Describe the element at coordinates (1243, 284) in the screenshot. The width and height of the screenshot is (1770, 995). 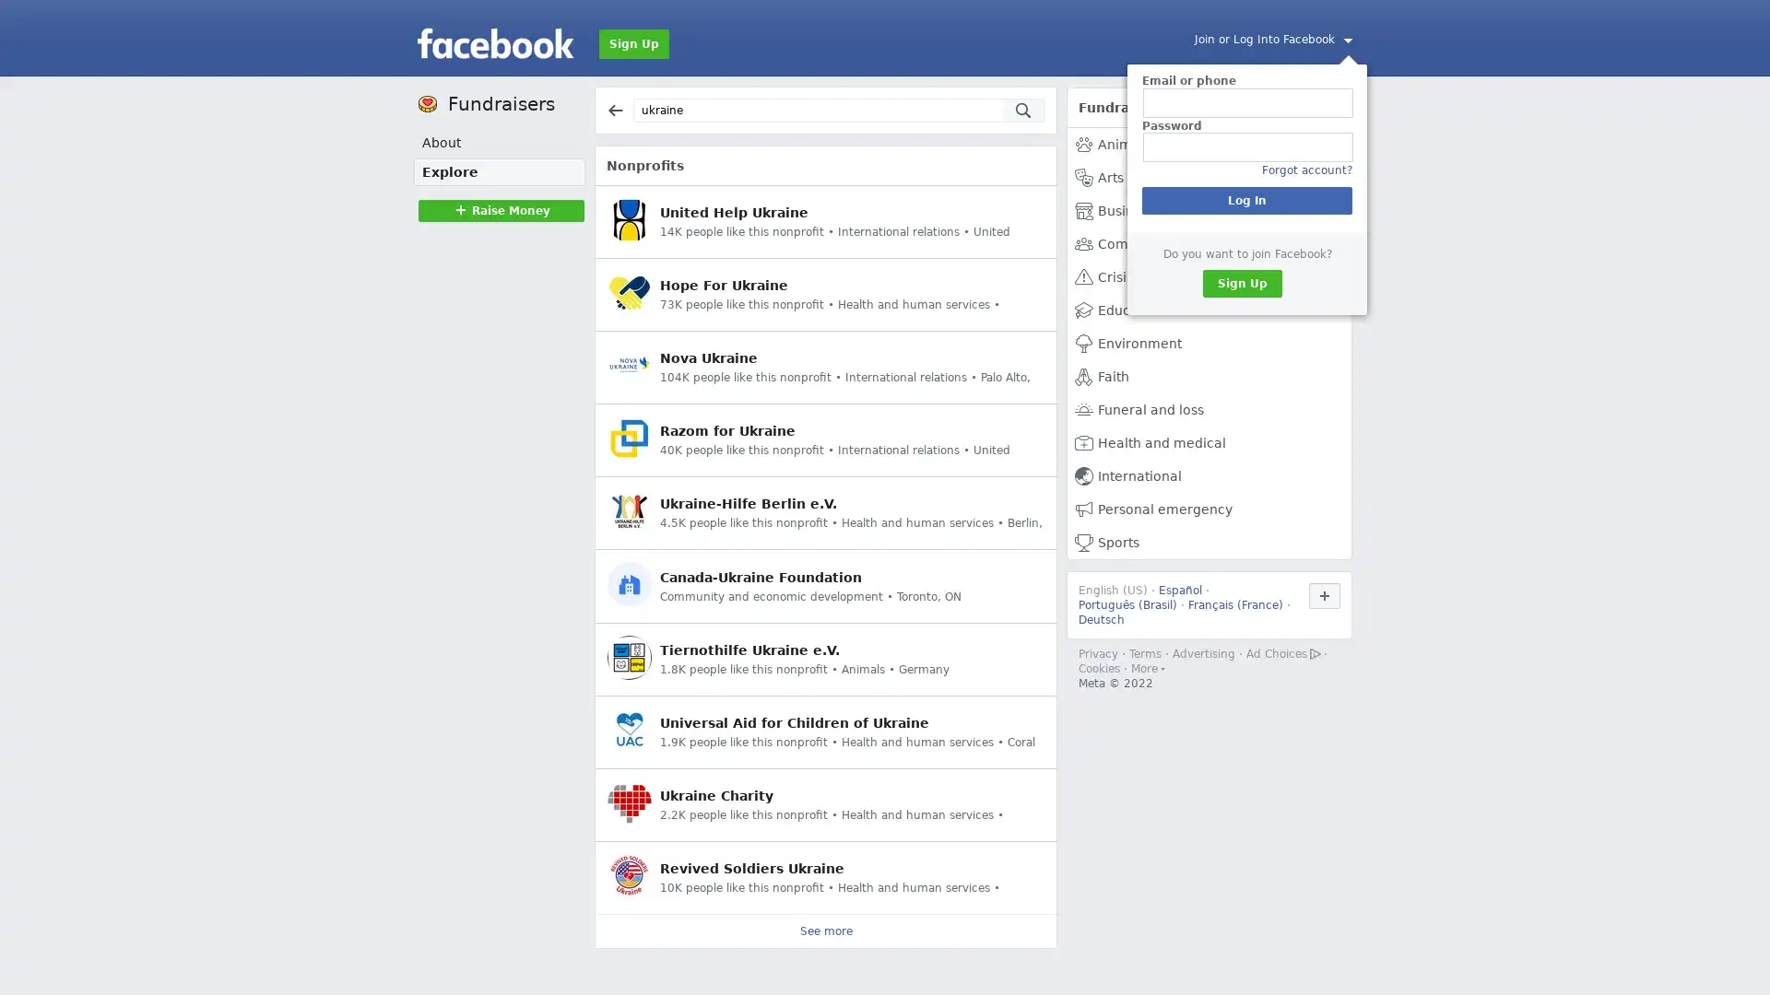
I see `Sign Up` at that location.